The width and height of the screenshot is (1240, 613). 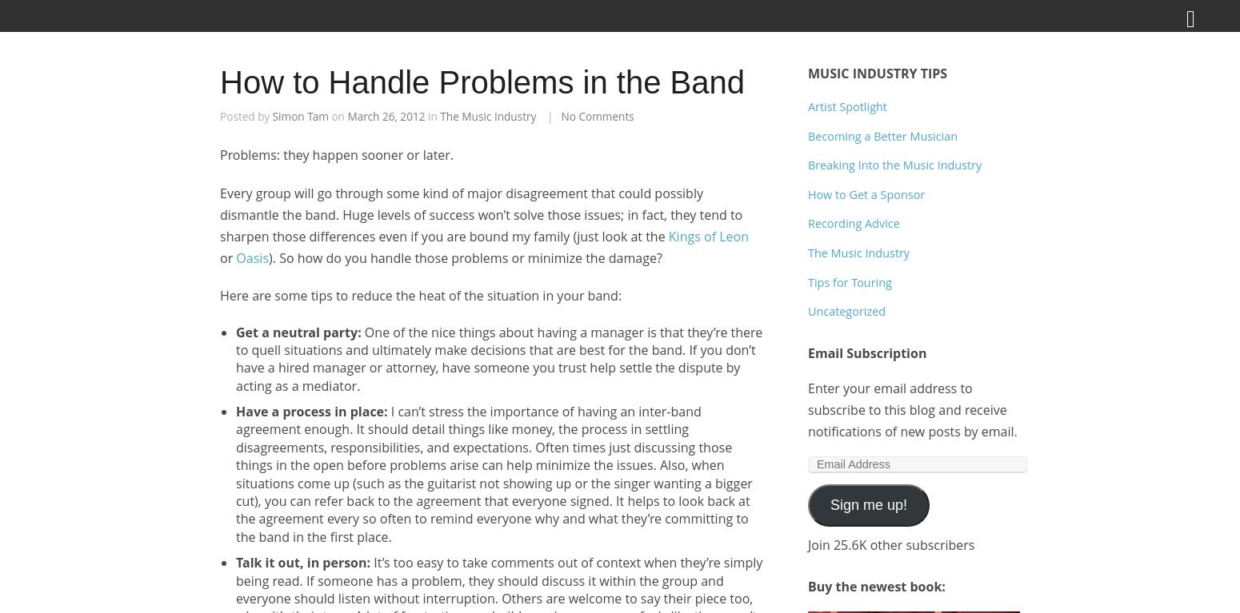 What do you see at coordinates (867, 352) in the screenshot?
I see `'Email Subscription'` at bounding box center [867, 352].